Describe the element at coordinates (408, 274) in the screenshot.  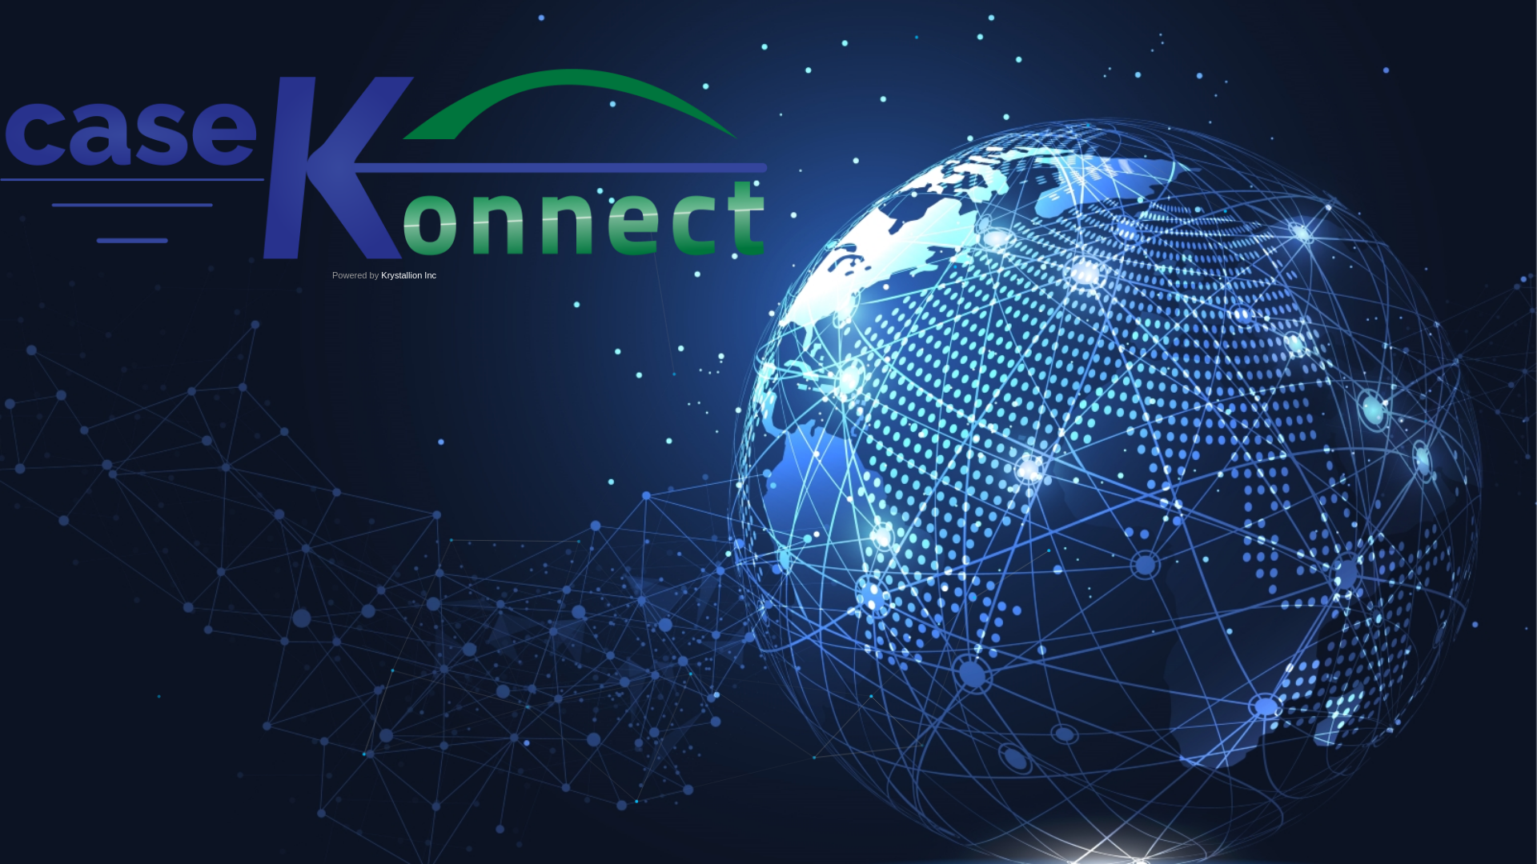
I see `'Krystallion Inc'` at that location.